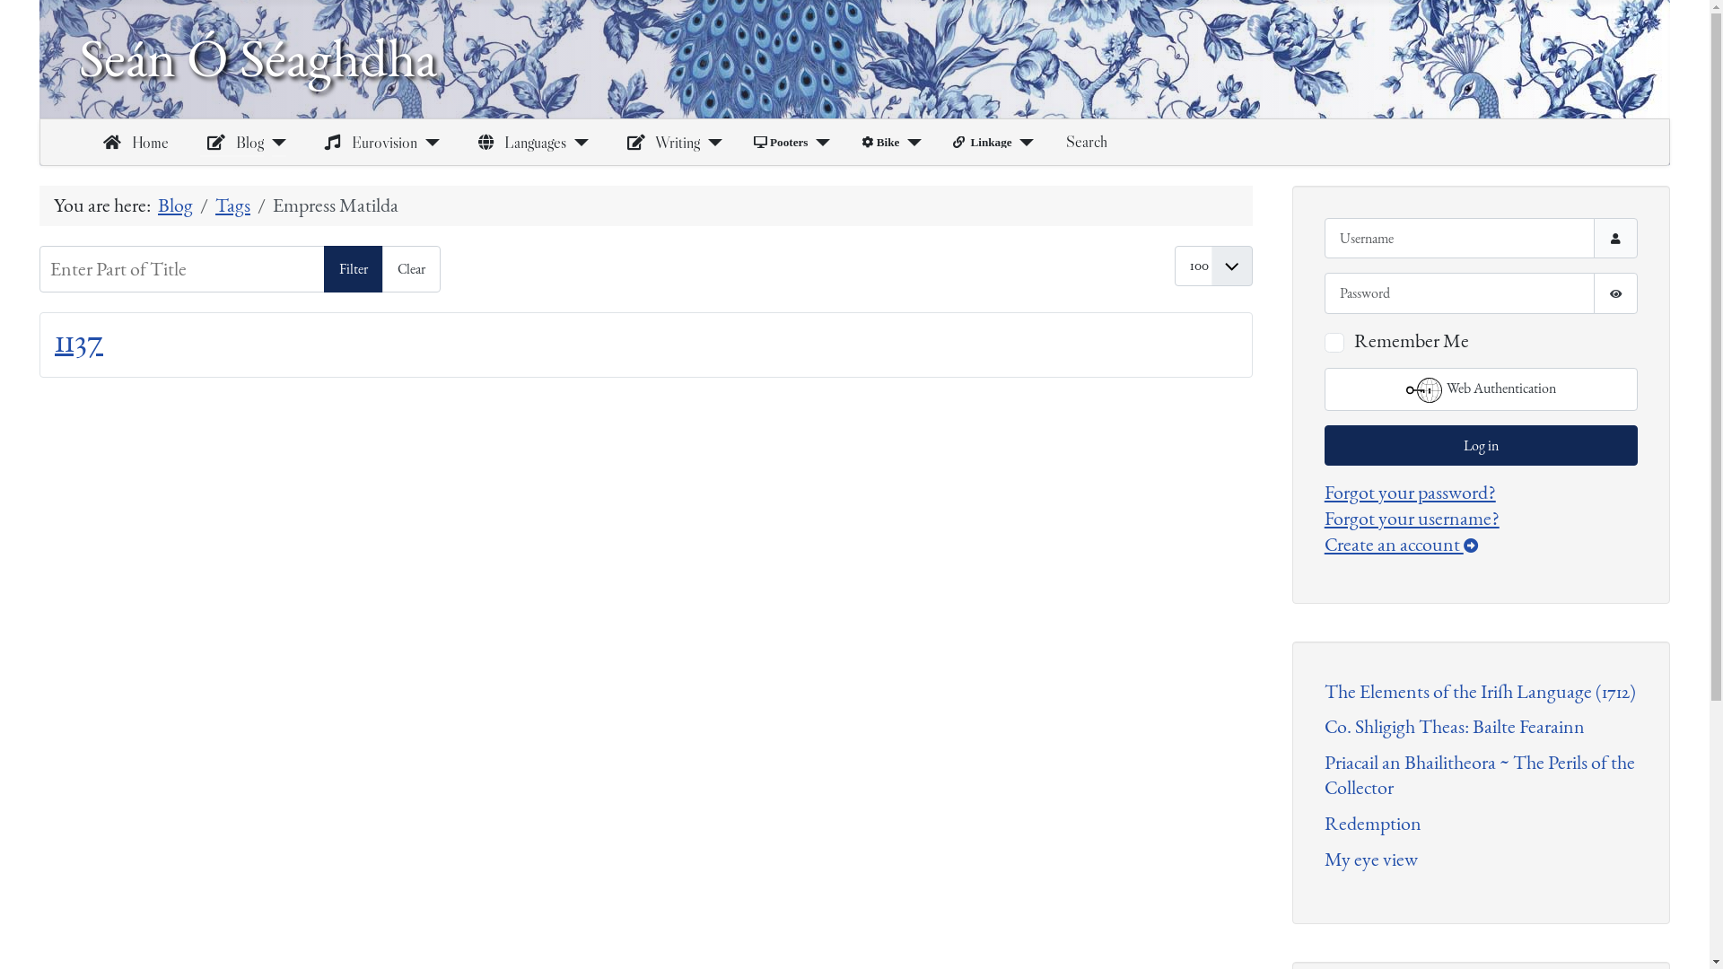  Describe the element at coordinates (659, 141) in the screenshot. I see `'Writing'` at that location.